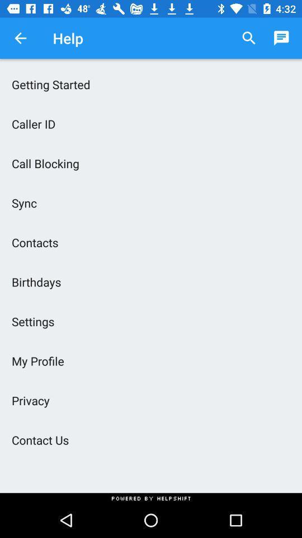 The image size is (302, 538). Describe the element at coordinates (151, 84) in the screenshot. I see `the getting started icon` at that location.